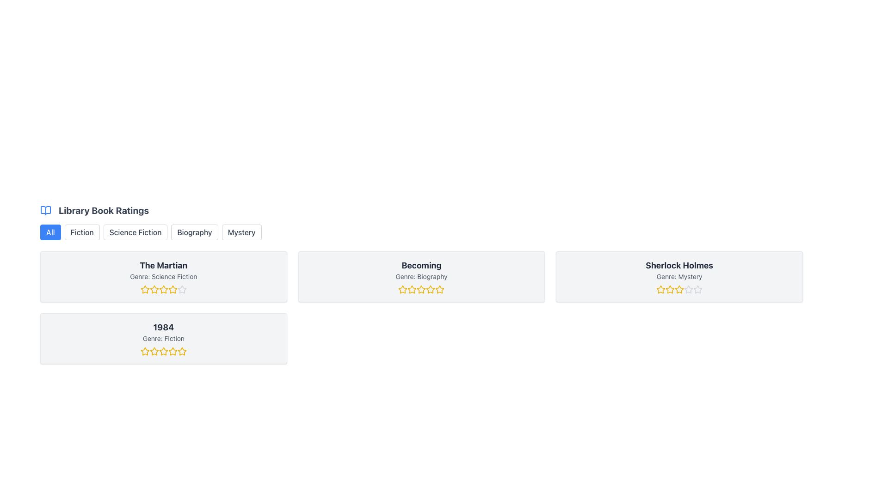  Describe the element at coordinates (144, 351) in the screenshot. I see `the first Rating Star Icon with a yellow outline under the book title '1984' to rate it` at that location.